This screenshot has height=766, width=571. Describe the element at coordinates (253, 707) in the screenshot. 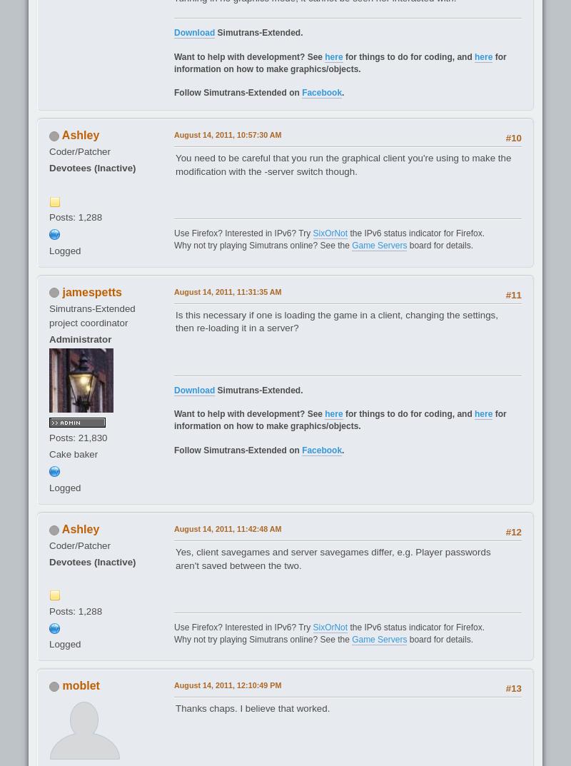

I see `'Thanks chaps. I believe that worked.'` at that location.